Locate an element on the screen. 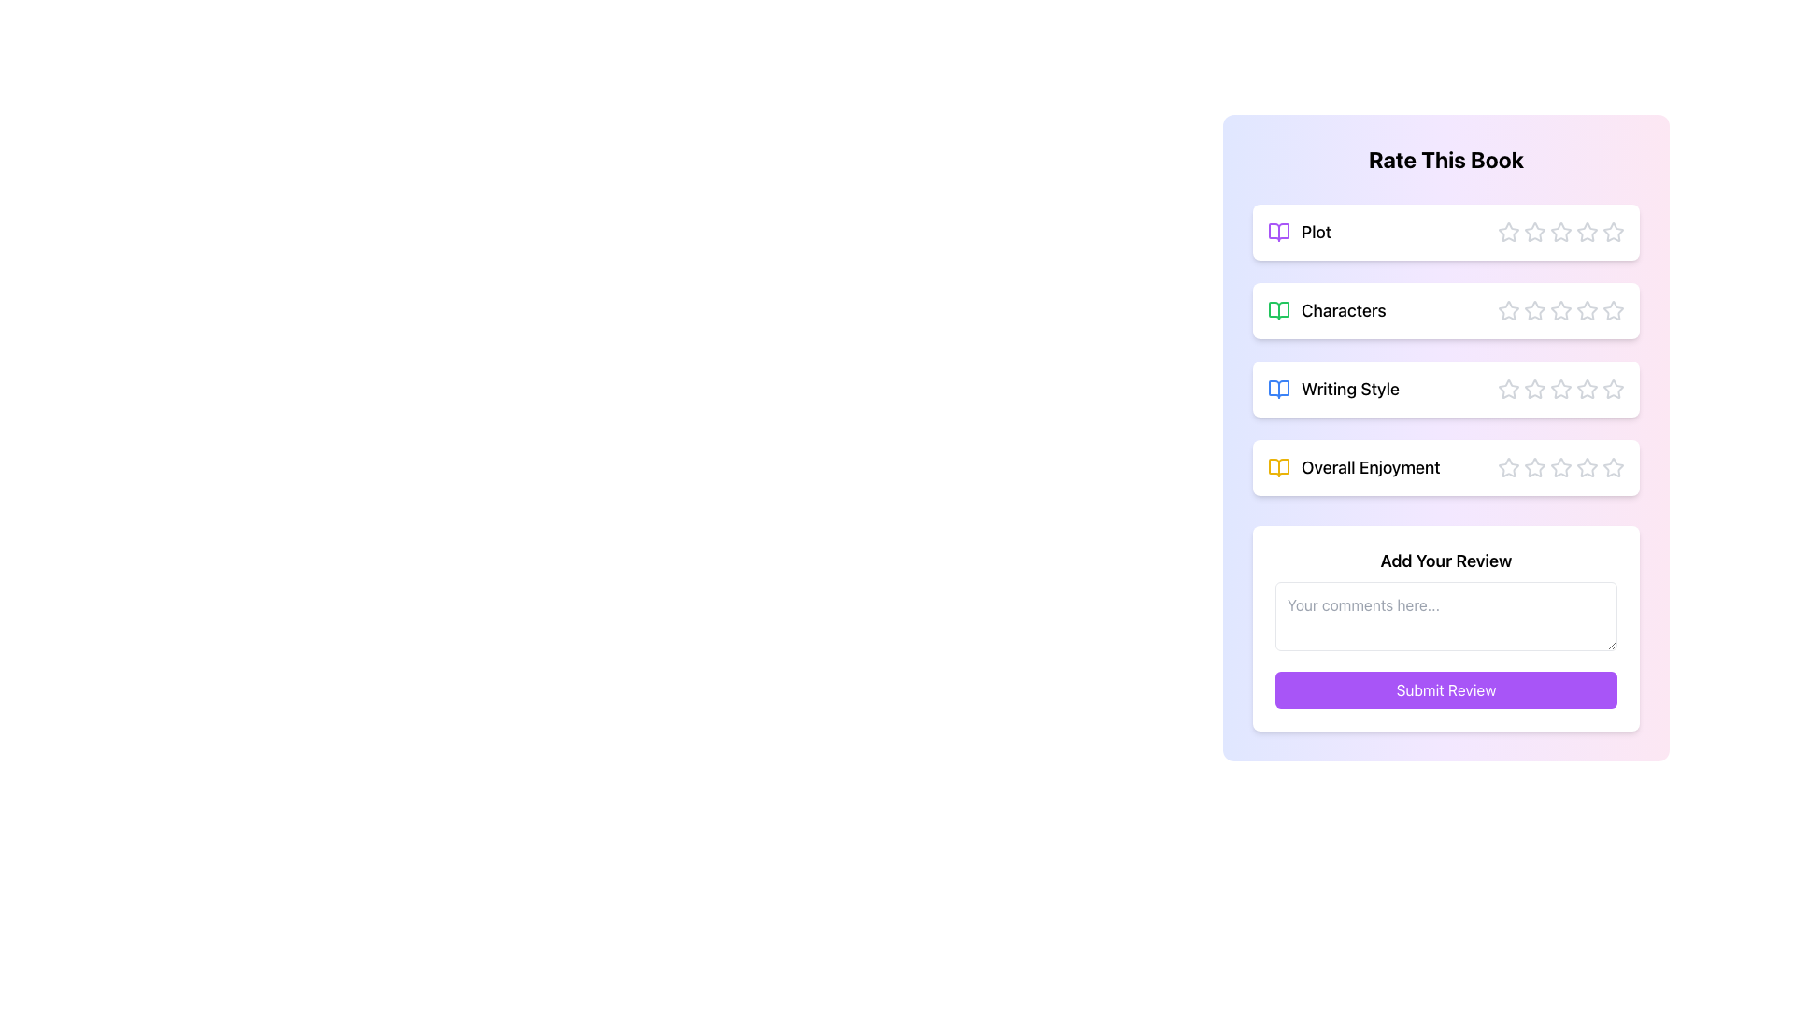  the first star icon is located at coordinates (1508, 388).